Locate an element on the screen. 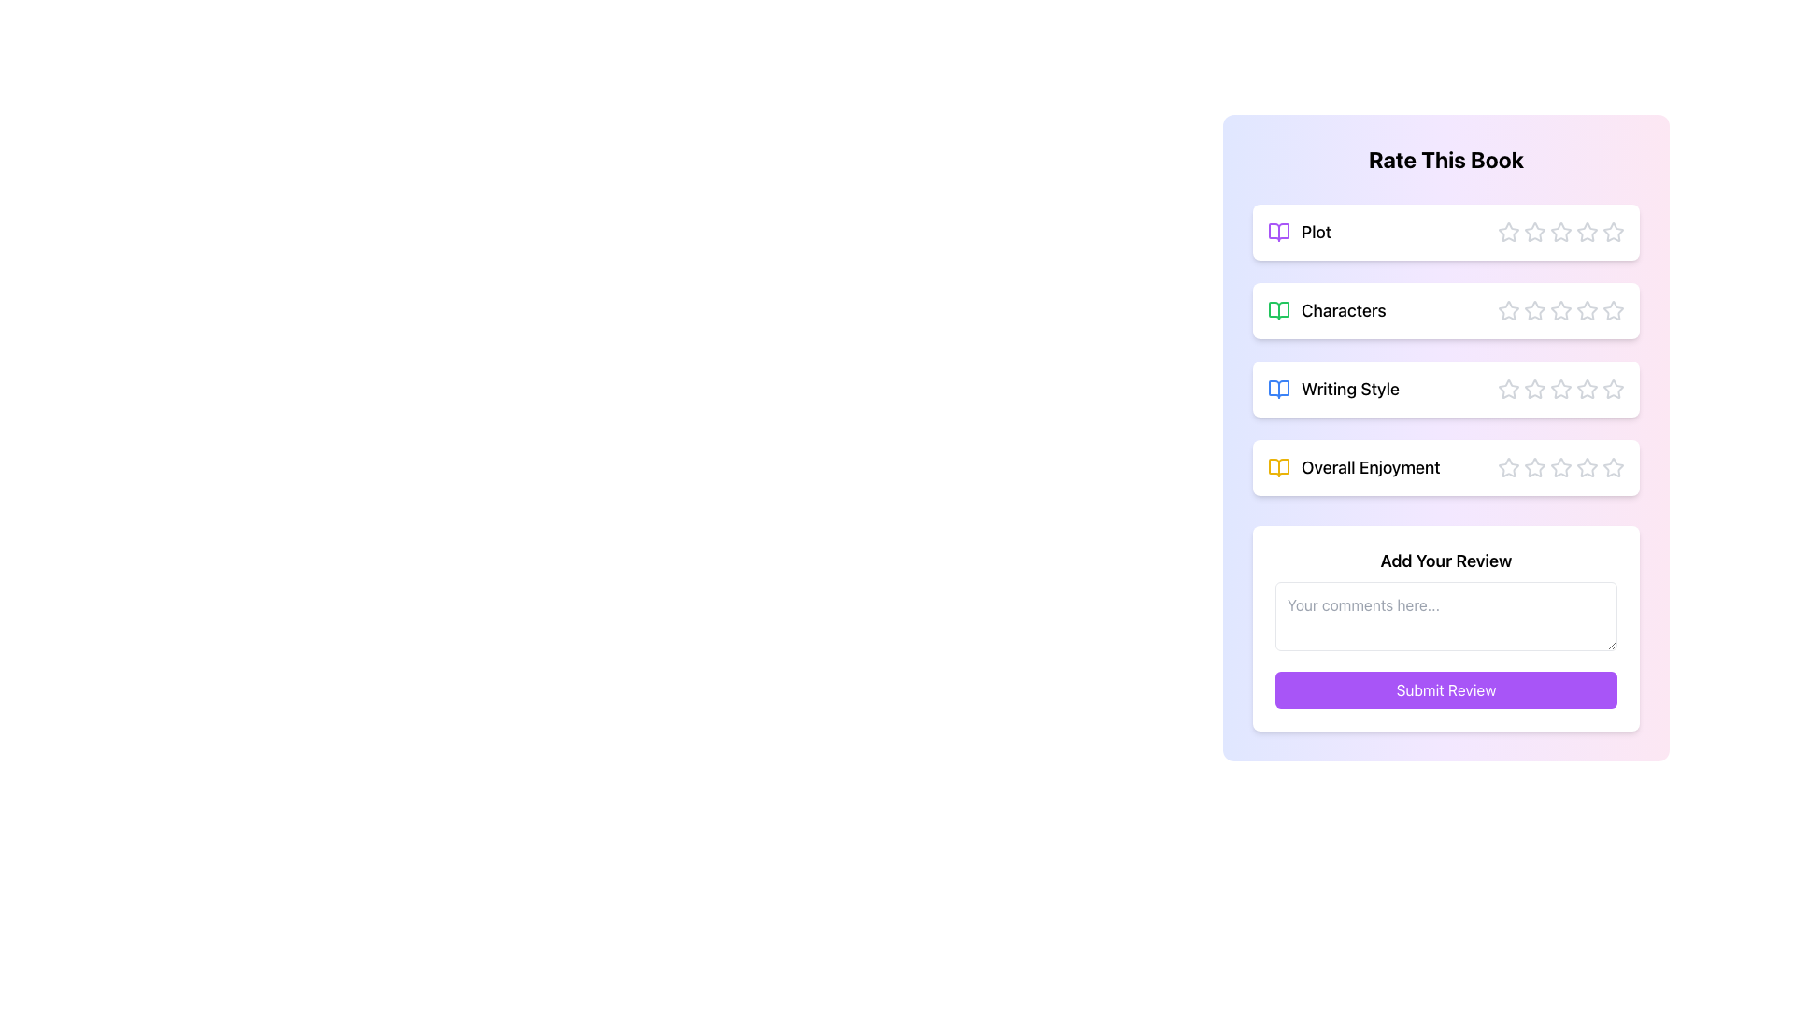  the first star icon is located at coordinates (1508, 388).